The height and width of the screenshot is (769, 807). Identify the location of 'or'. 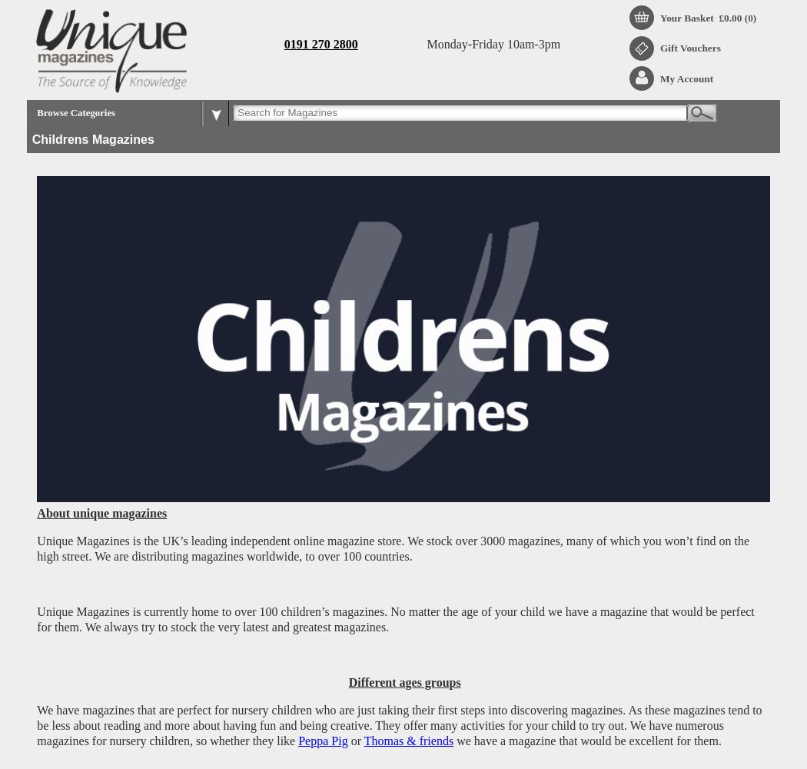
(355, 739).